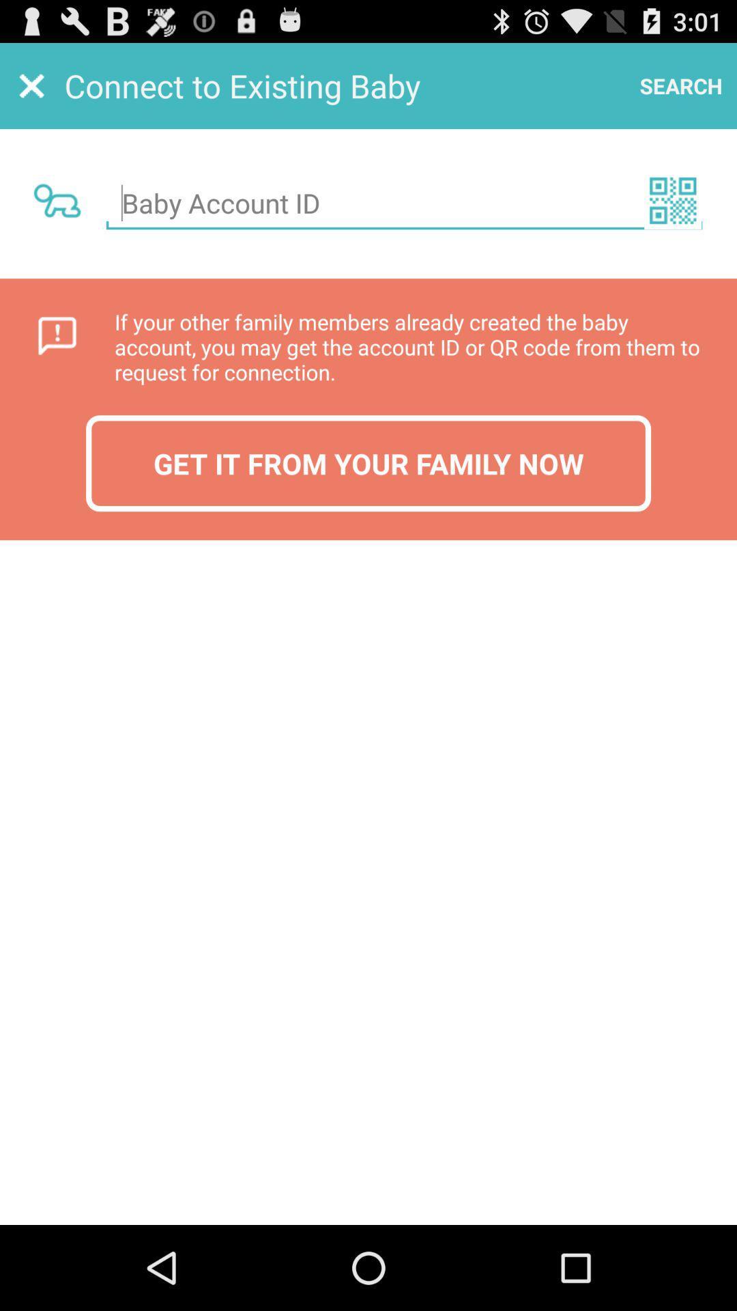 This screenshot has width=737, height=1311. I want to click on scan qr code, so click(672, 199).